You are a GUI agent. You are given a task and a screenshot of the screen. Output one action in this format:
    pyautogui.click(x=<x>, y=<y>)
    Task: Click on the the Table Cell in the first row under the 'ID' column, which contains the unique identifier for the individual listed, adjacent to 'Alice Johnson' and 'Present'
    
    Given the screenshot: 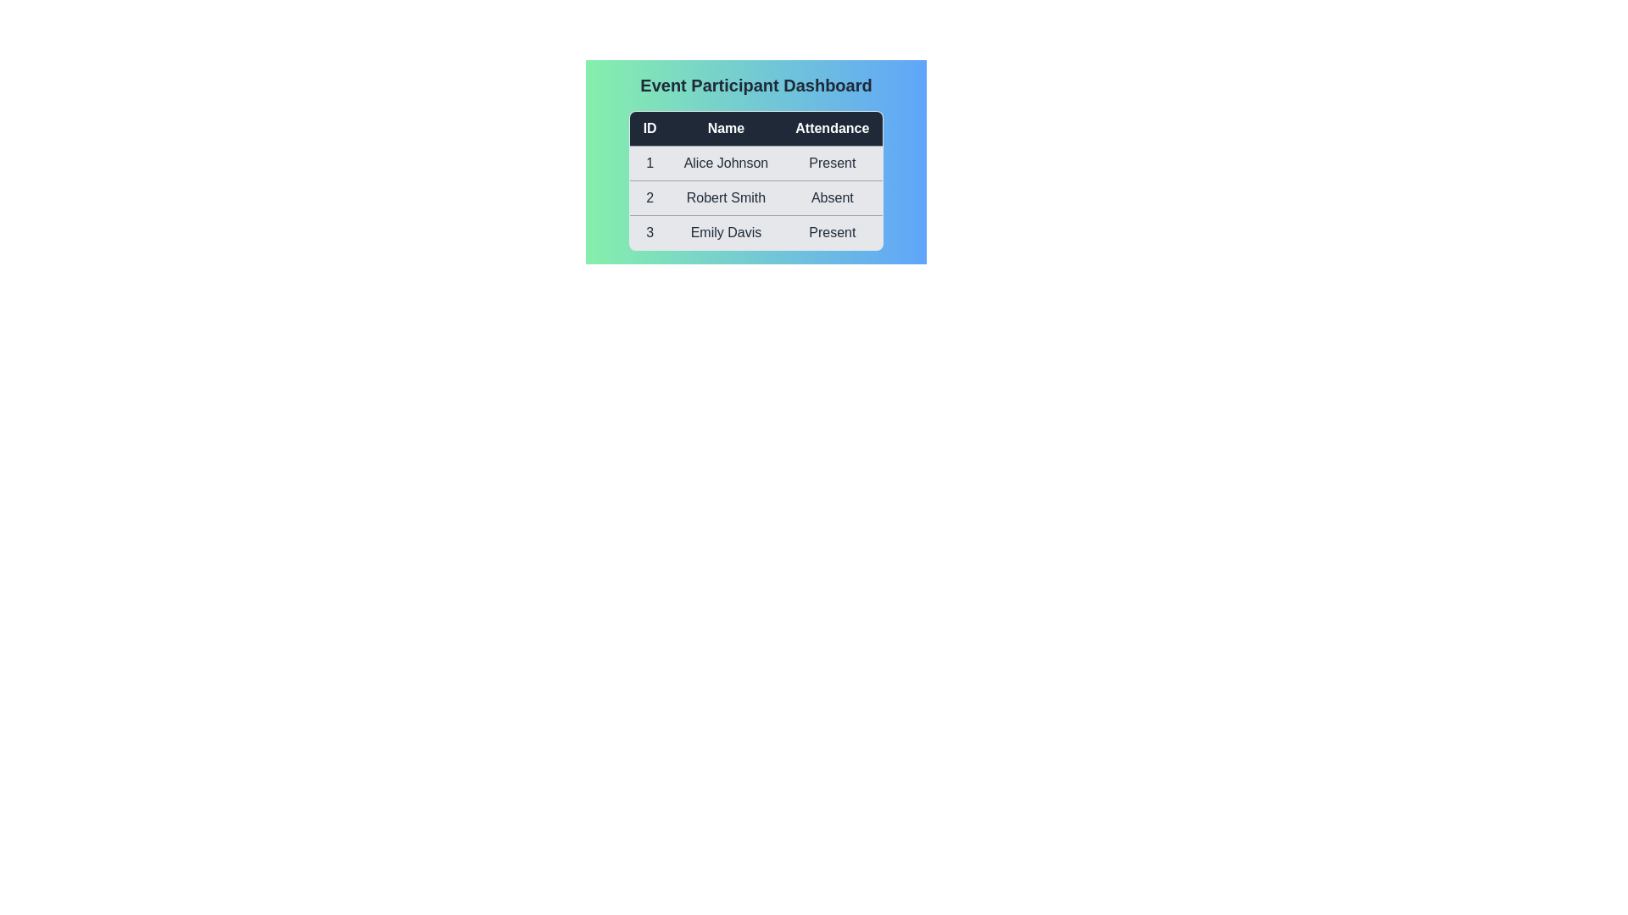 What is the action you would take?
    pyautogui.click(x=649, y=163)
    